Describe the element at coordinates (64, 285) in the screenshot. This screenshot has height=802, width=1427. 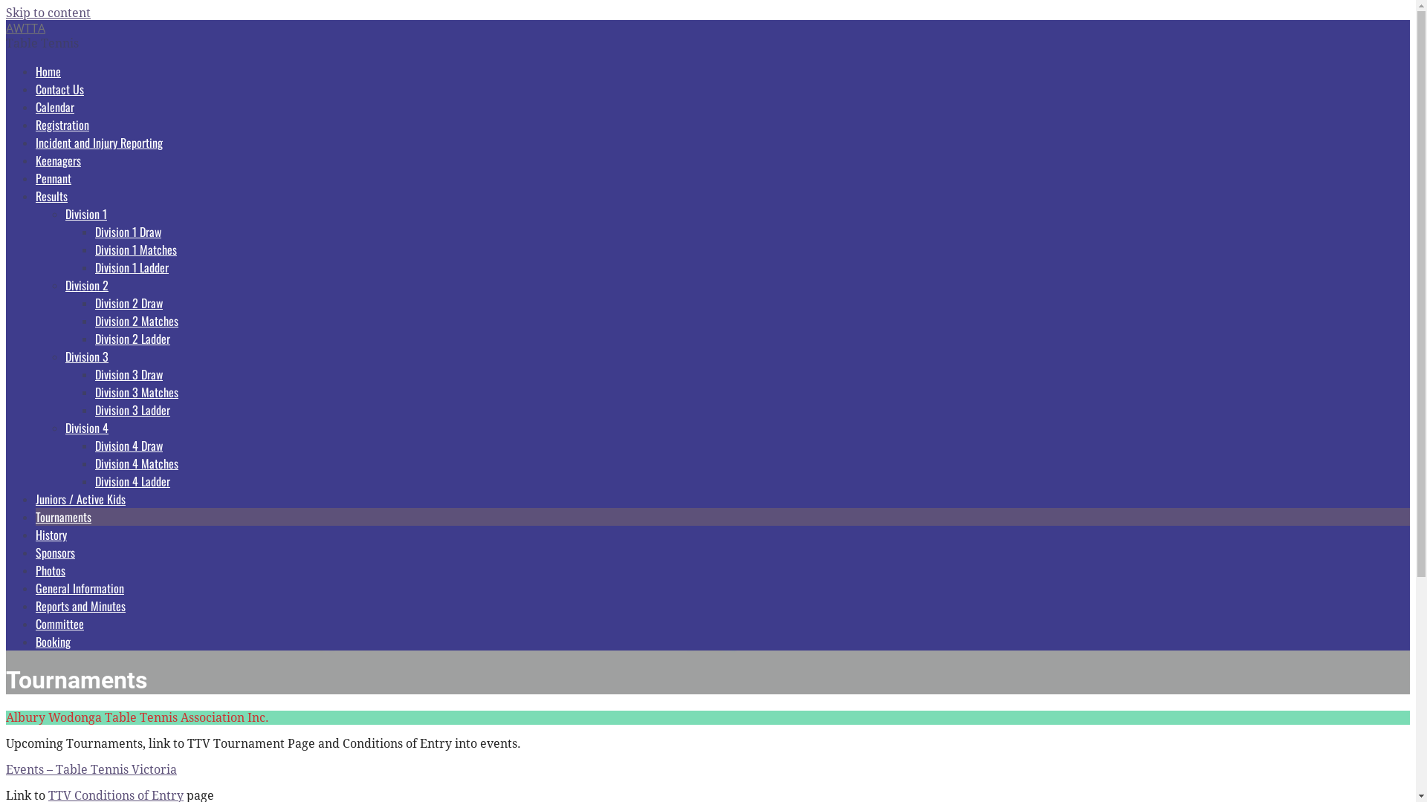
I see `'Division 2'` at that location.